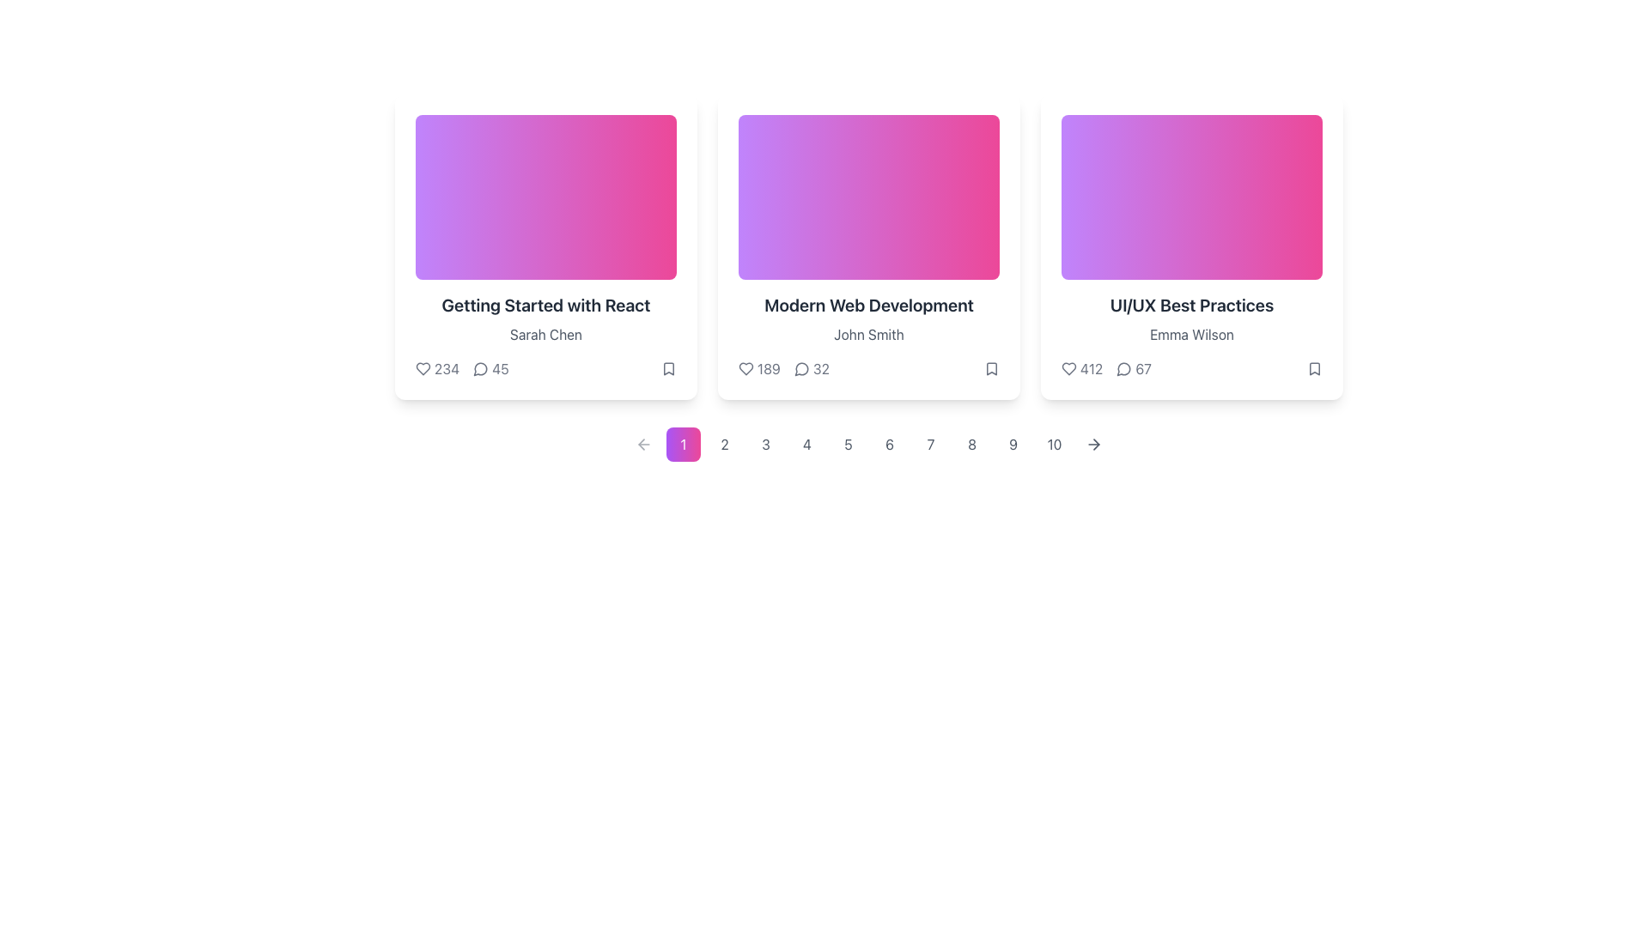  I want to click on on the interactive indicator with a numeric counter for the 'UI/UX Best Practices' post, so click(1134, 367).